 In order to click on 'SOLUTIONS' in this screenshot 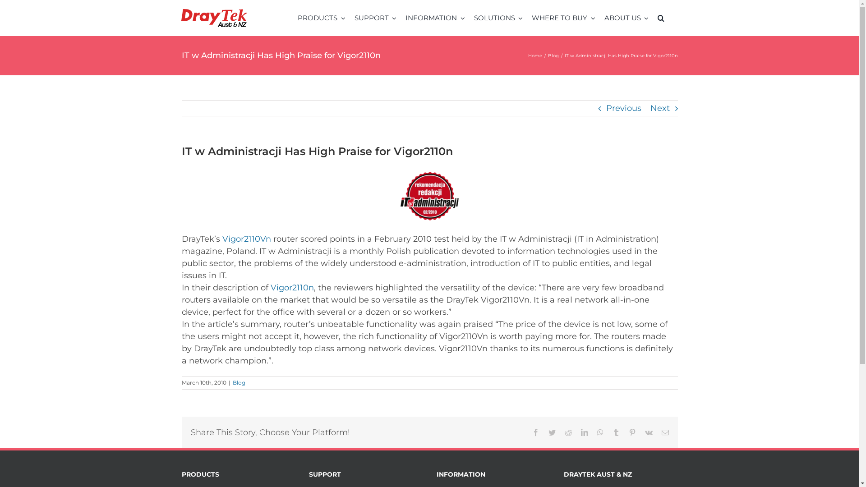, I will do `click(469, 18)`.